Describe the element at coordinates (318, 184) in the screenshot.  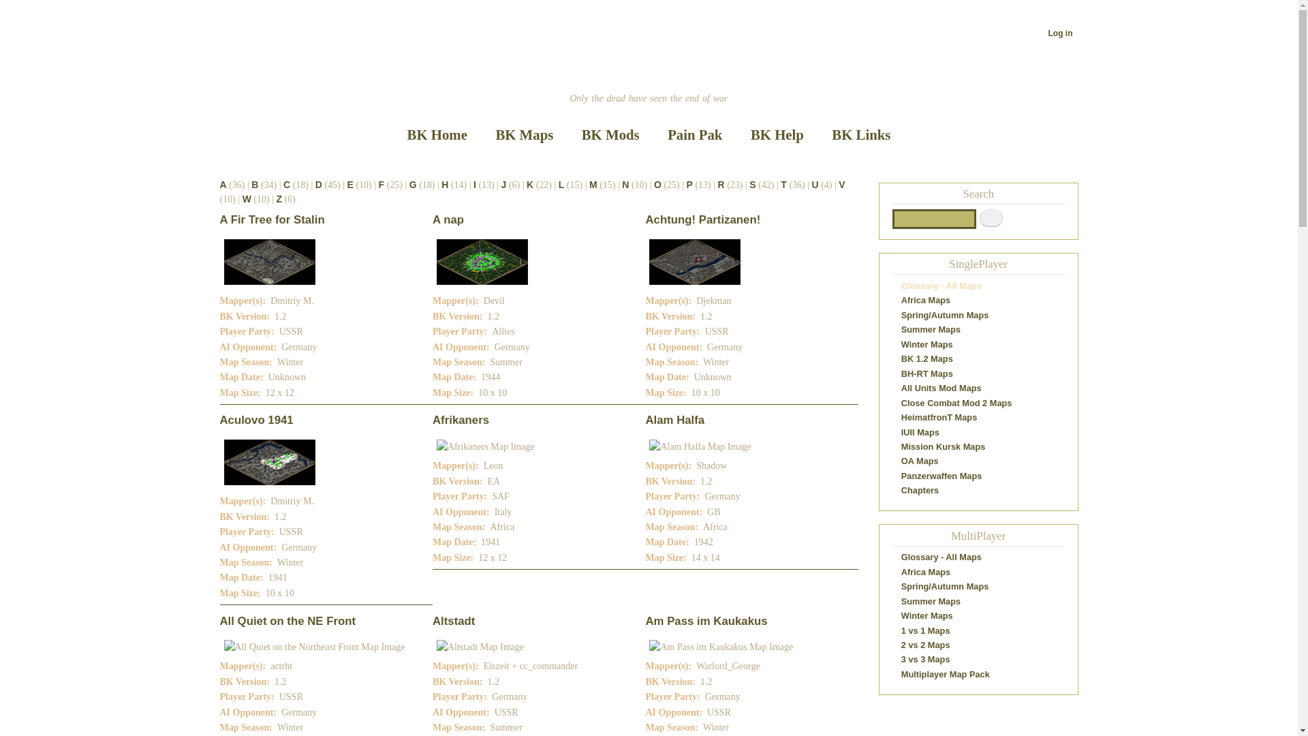
I see `'D'` at that location.